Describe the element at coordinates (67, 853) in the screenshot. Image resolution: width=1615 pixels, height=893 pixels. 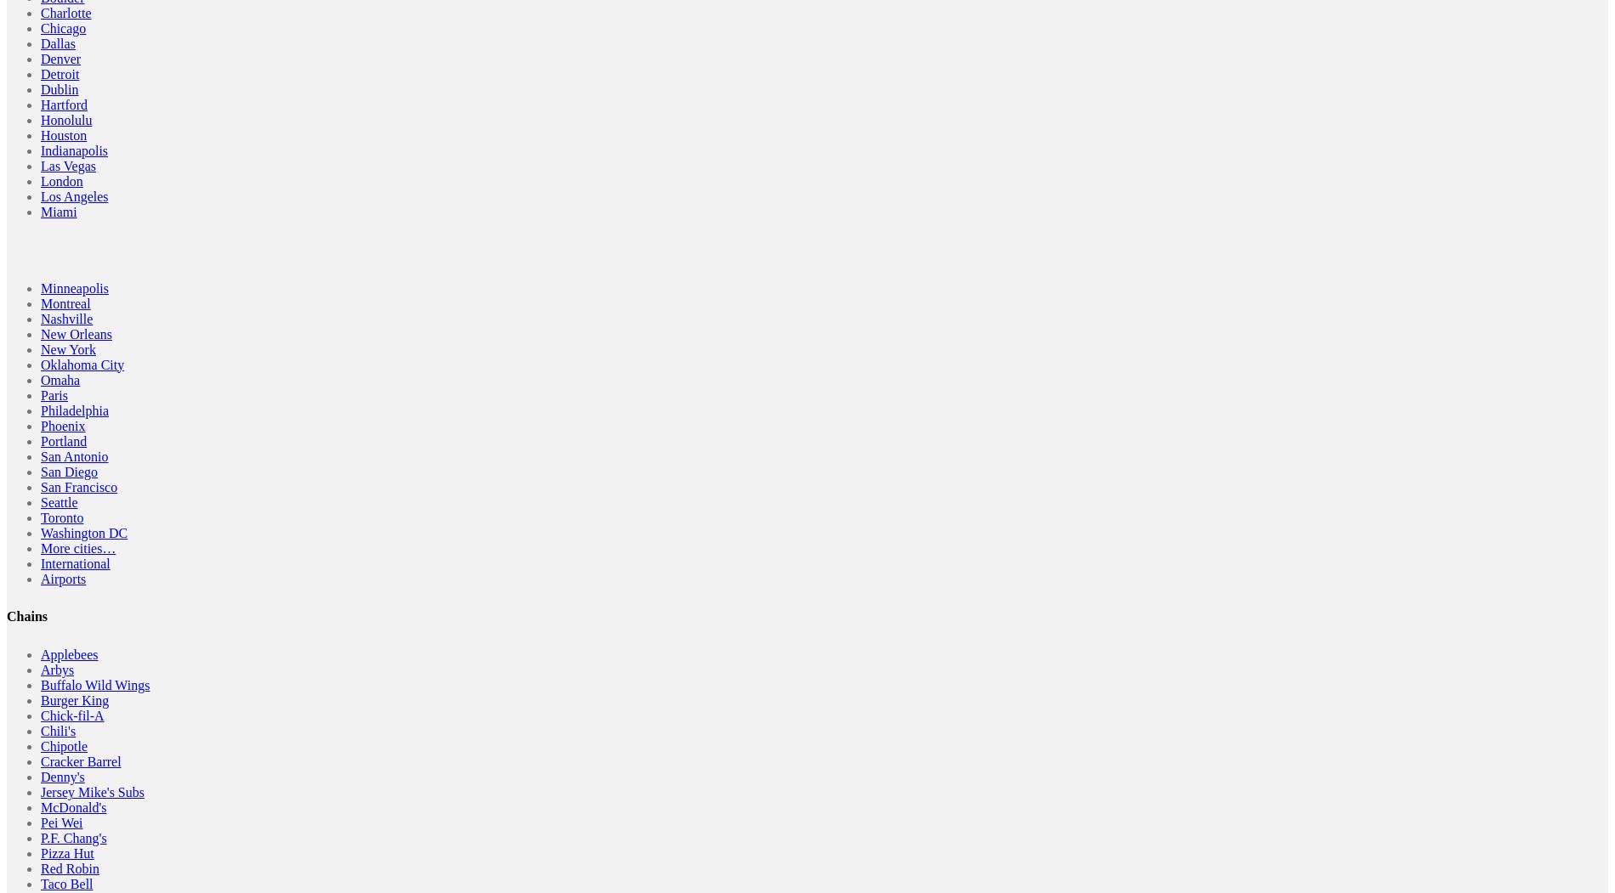
I see `'Pizza Hut'` at that location.